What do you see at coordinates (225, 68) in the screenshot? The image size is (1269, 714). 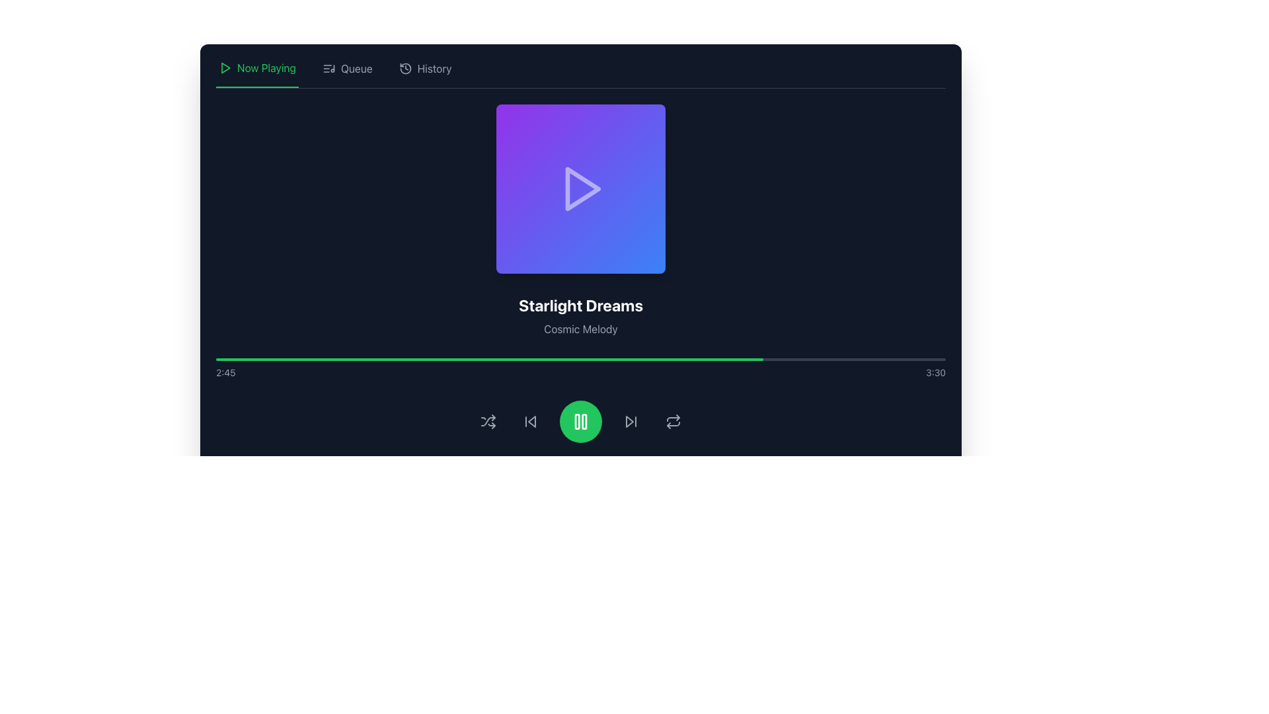 I see `the triangular play icon outlined in green, located at the top left of the interface before the 'Now Playing' text` at bounding box center [225, 68].